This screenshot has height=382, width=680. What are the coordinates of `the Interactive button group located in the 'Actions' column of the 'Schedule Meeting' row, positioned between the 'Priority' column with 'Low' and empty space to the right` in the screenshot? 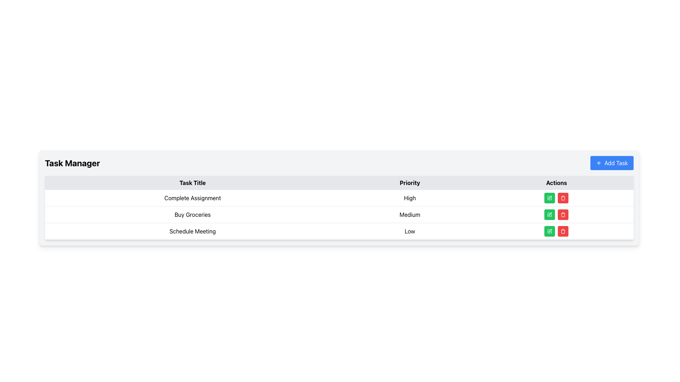 It's located at (556, 231).